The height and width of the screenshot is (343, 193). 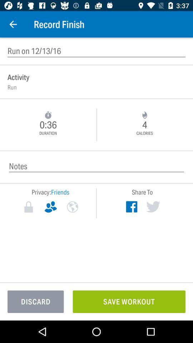 What do you see at coordinates (129, 301) in the screenshot?
I see `item next to discard` at bounding box center [129, 301].